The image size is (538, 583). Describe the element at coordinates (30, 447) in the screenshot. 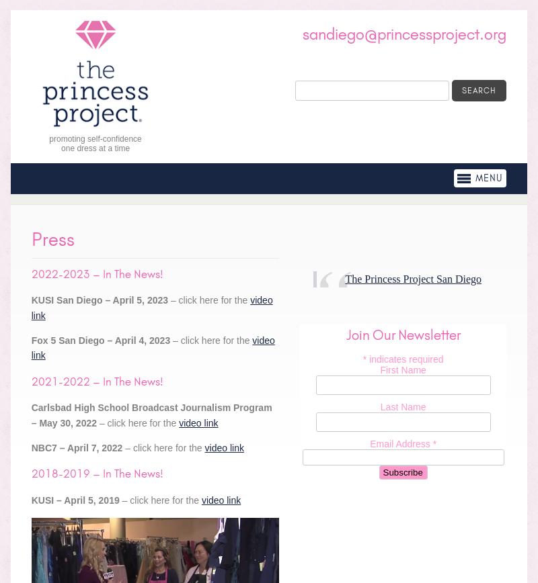

I see `'NBC7 – April 7, 2022'` at that location.